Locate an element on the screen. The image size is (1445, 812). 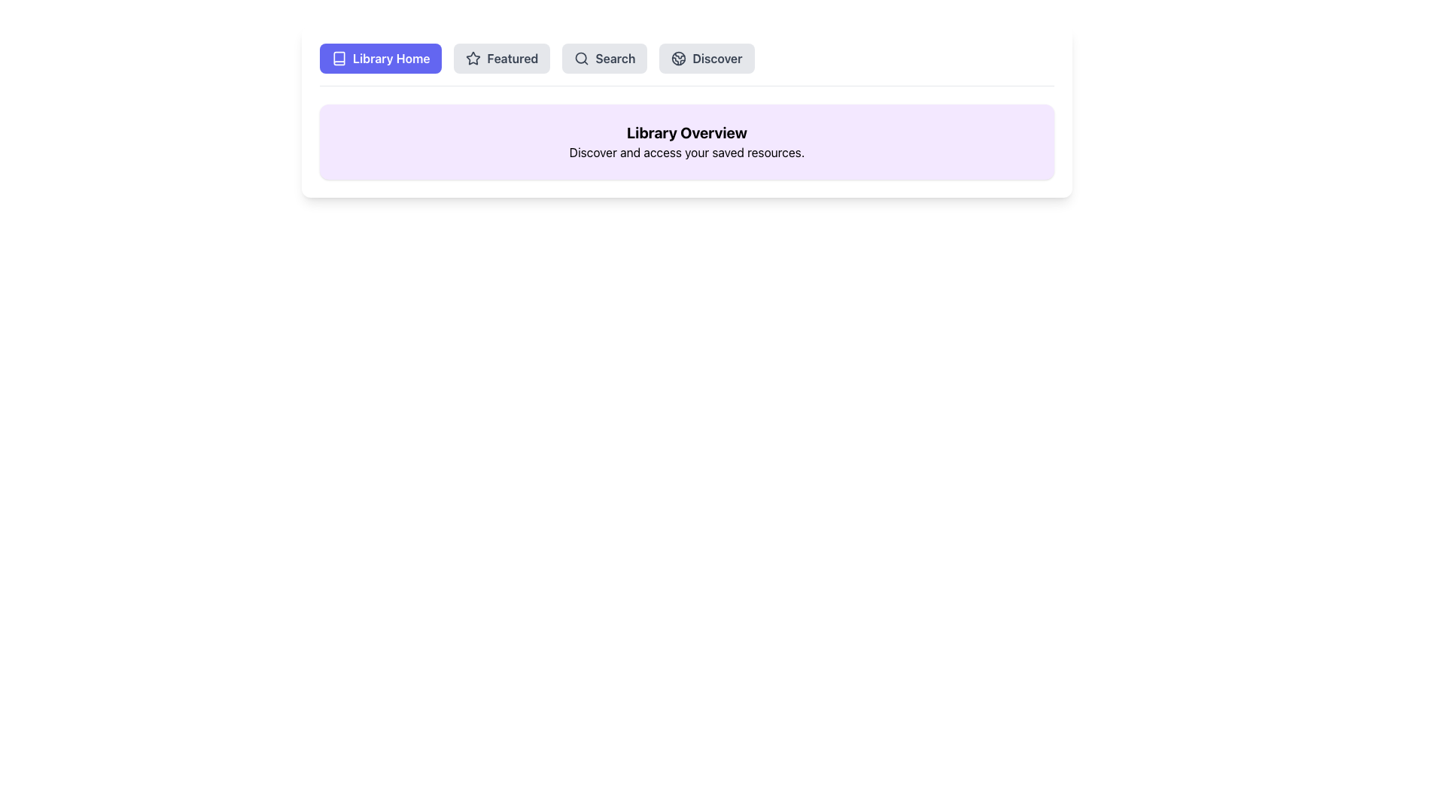
text header located at the top of the section, which serves as the main topic indicator for the content below is located at coordinates (686, 132).